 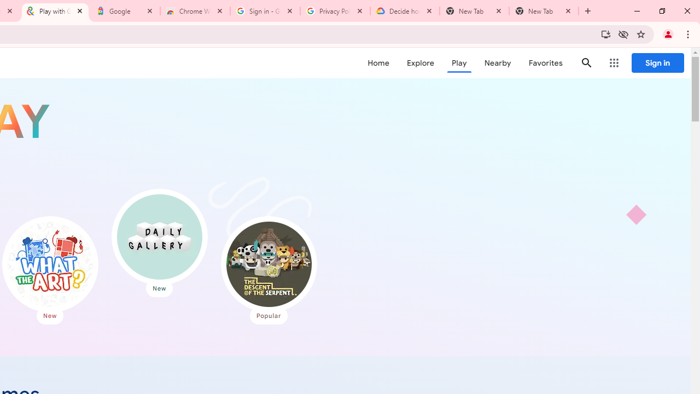 What do you see at coordinates (265, 11) in the screenshot?
I see `'Sign in - Google Accounts'` at bounding box center [265, 11].